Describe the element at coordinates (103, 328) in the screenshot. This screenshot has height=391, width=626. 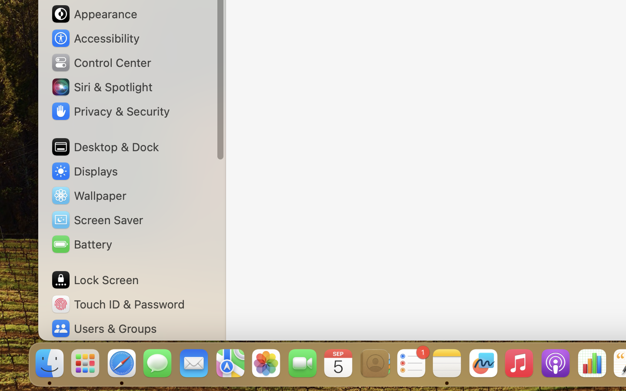
I see `'Users & Groups'` at that location.